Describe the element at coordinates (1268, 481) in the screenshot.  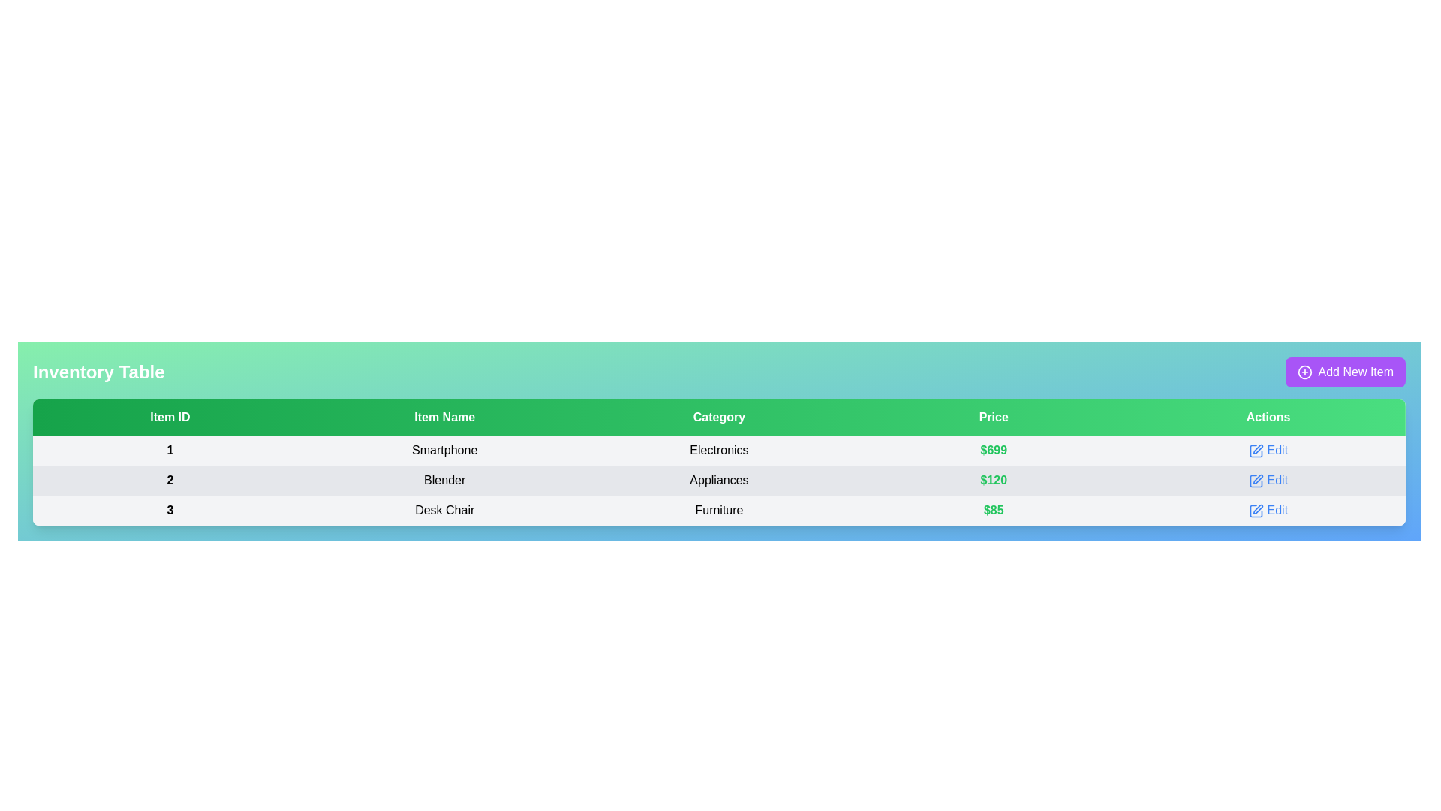
I see `the 'Edit' button with a pen icon in the 'Actions' column for the 'Blender' product` at that location.